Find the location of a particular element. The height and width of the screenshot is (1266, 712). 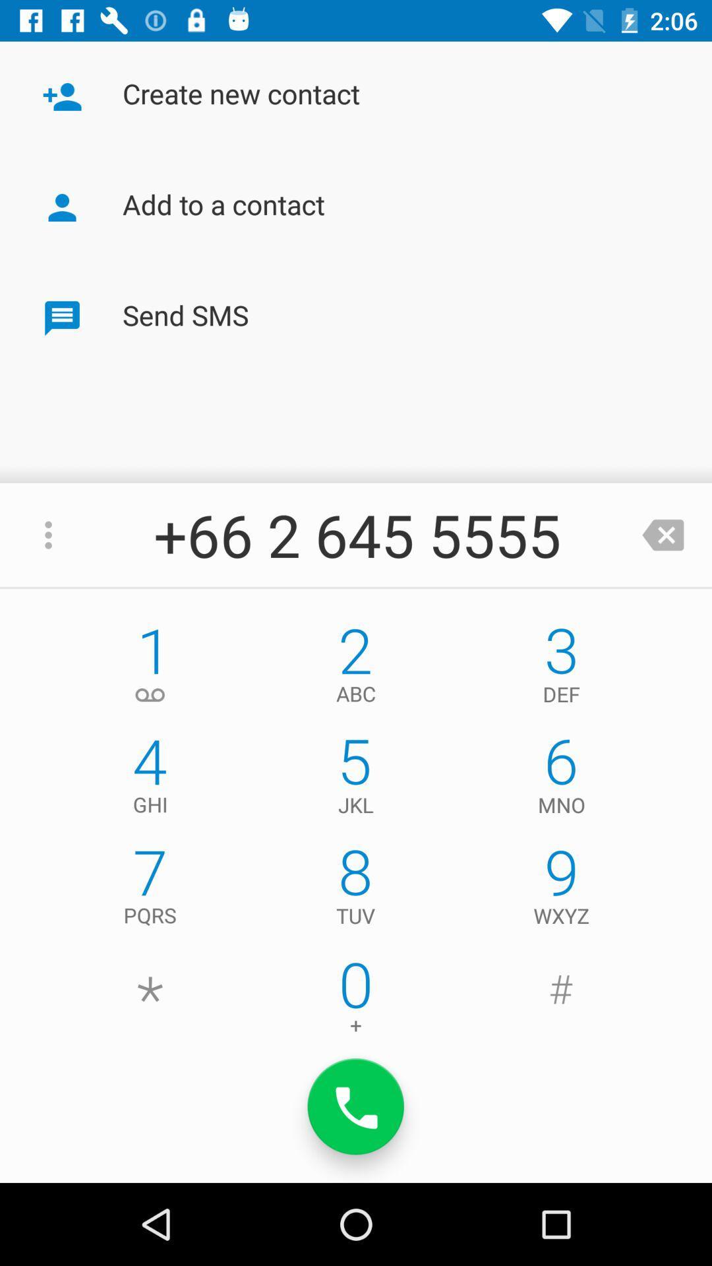

the call icon is located at coordinates (356, 1106).